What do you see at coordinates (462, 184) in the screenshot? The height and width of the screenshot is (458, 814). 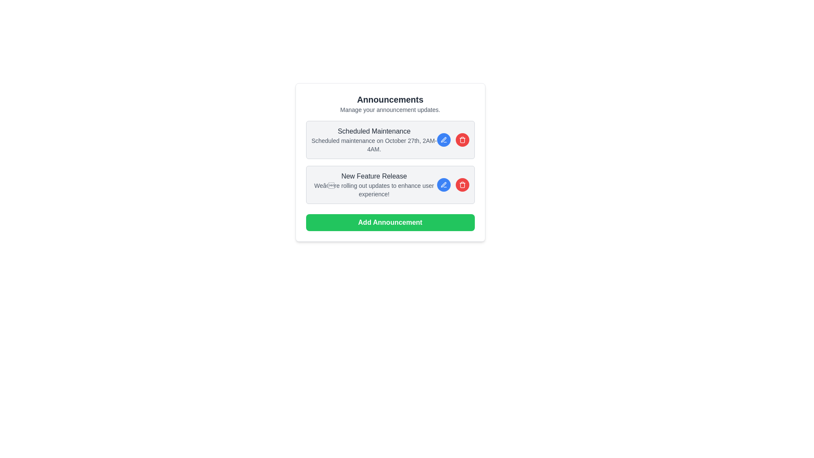 I see `the delete button icon located to the right of the announcement text in the 'Scheduled Maintenance' card` at bounding box center [462, 184].